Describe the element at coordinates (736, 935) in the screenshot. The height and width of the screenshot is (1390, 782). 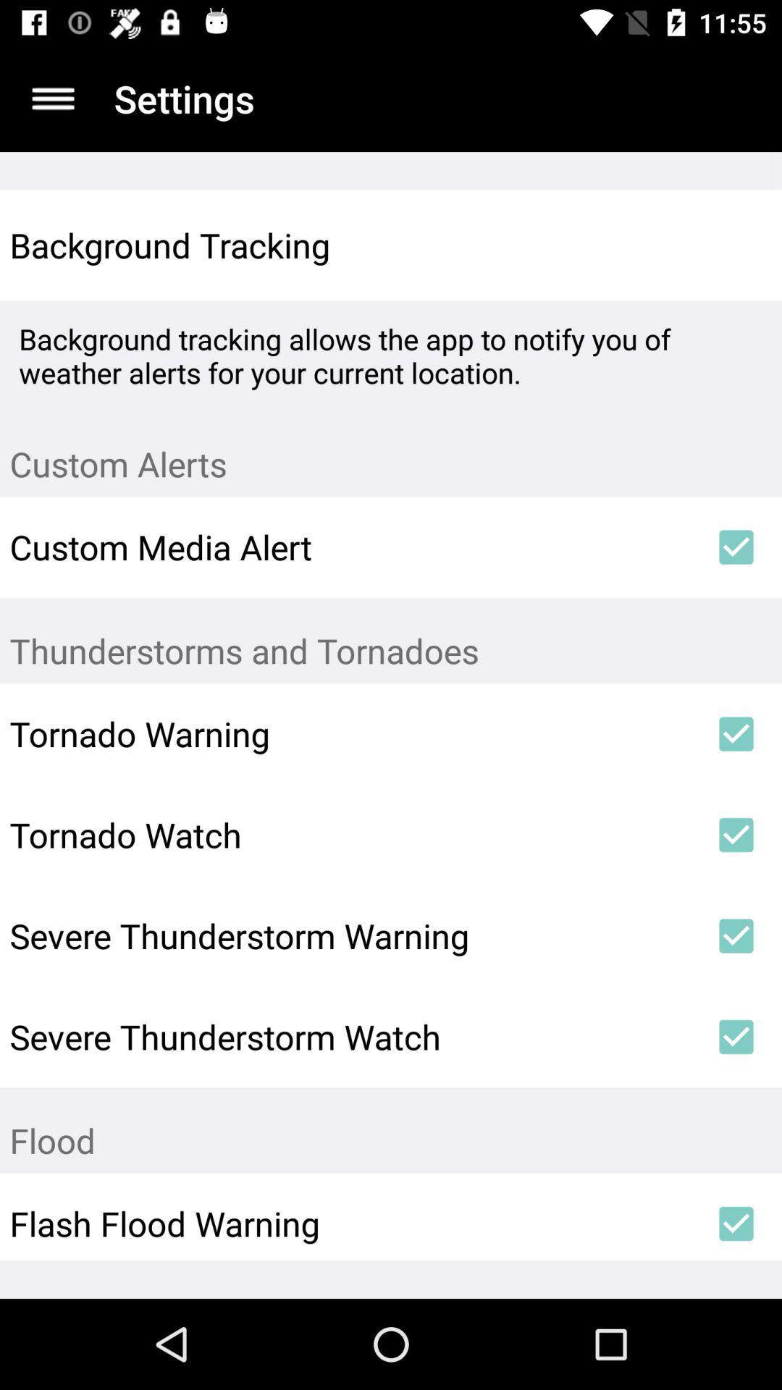
I see `the icon to the right of the severe thunderstorm warning item` at that location.